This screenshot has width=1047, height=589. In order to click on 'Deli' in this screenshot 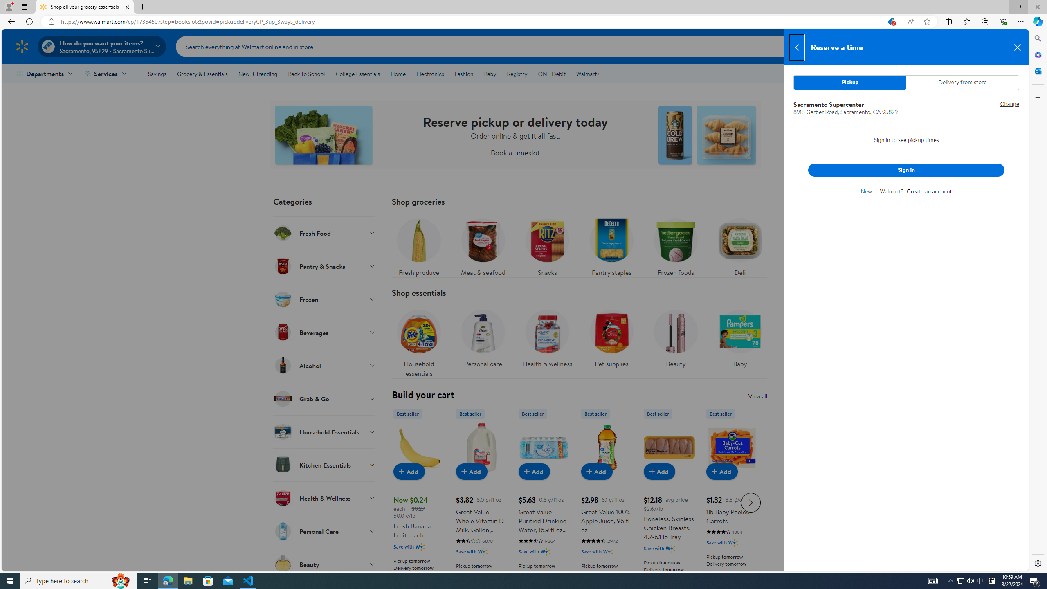, I will do `click(740, 245)`.